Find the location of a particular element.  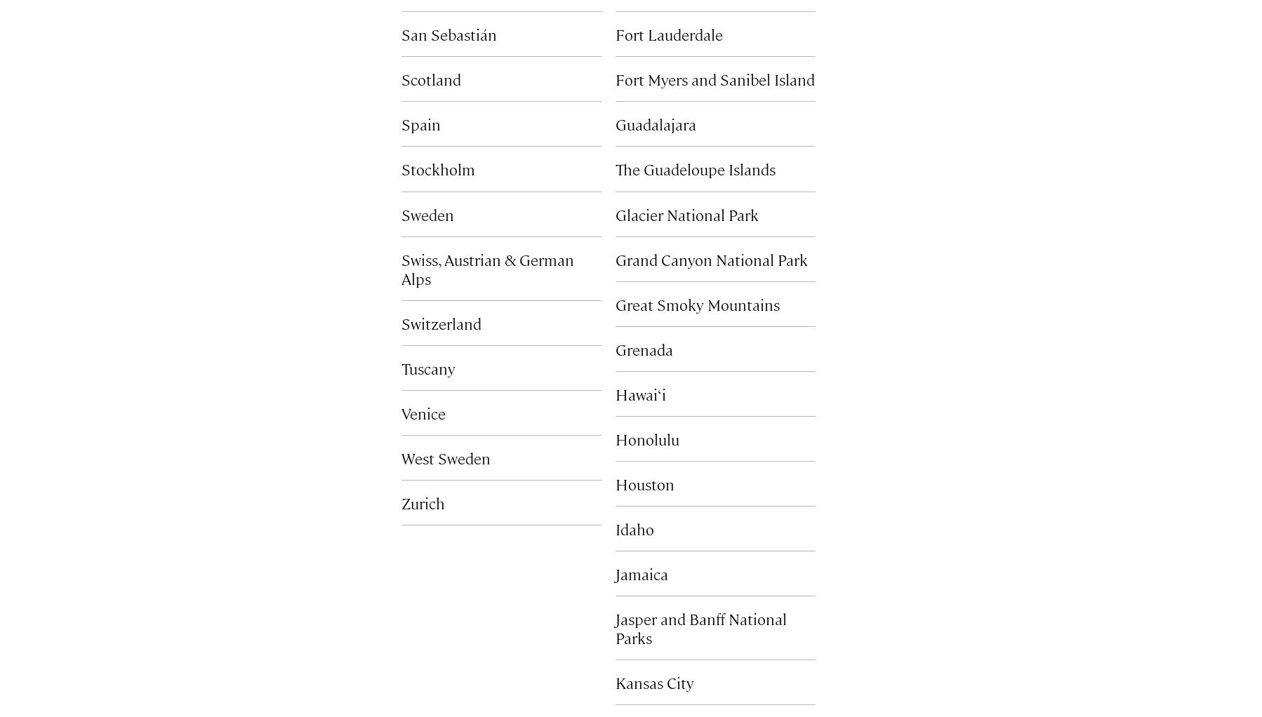

'Switzerland' is located at coordinates (440, 321).